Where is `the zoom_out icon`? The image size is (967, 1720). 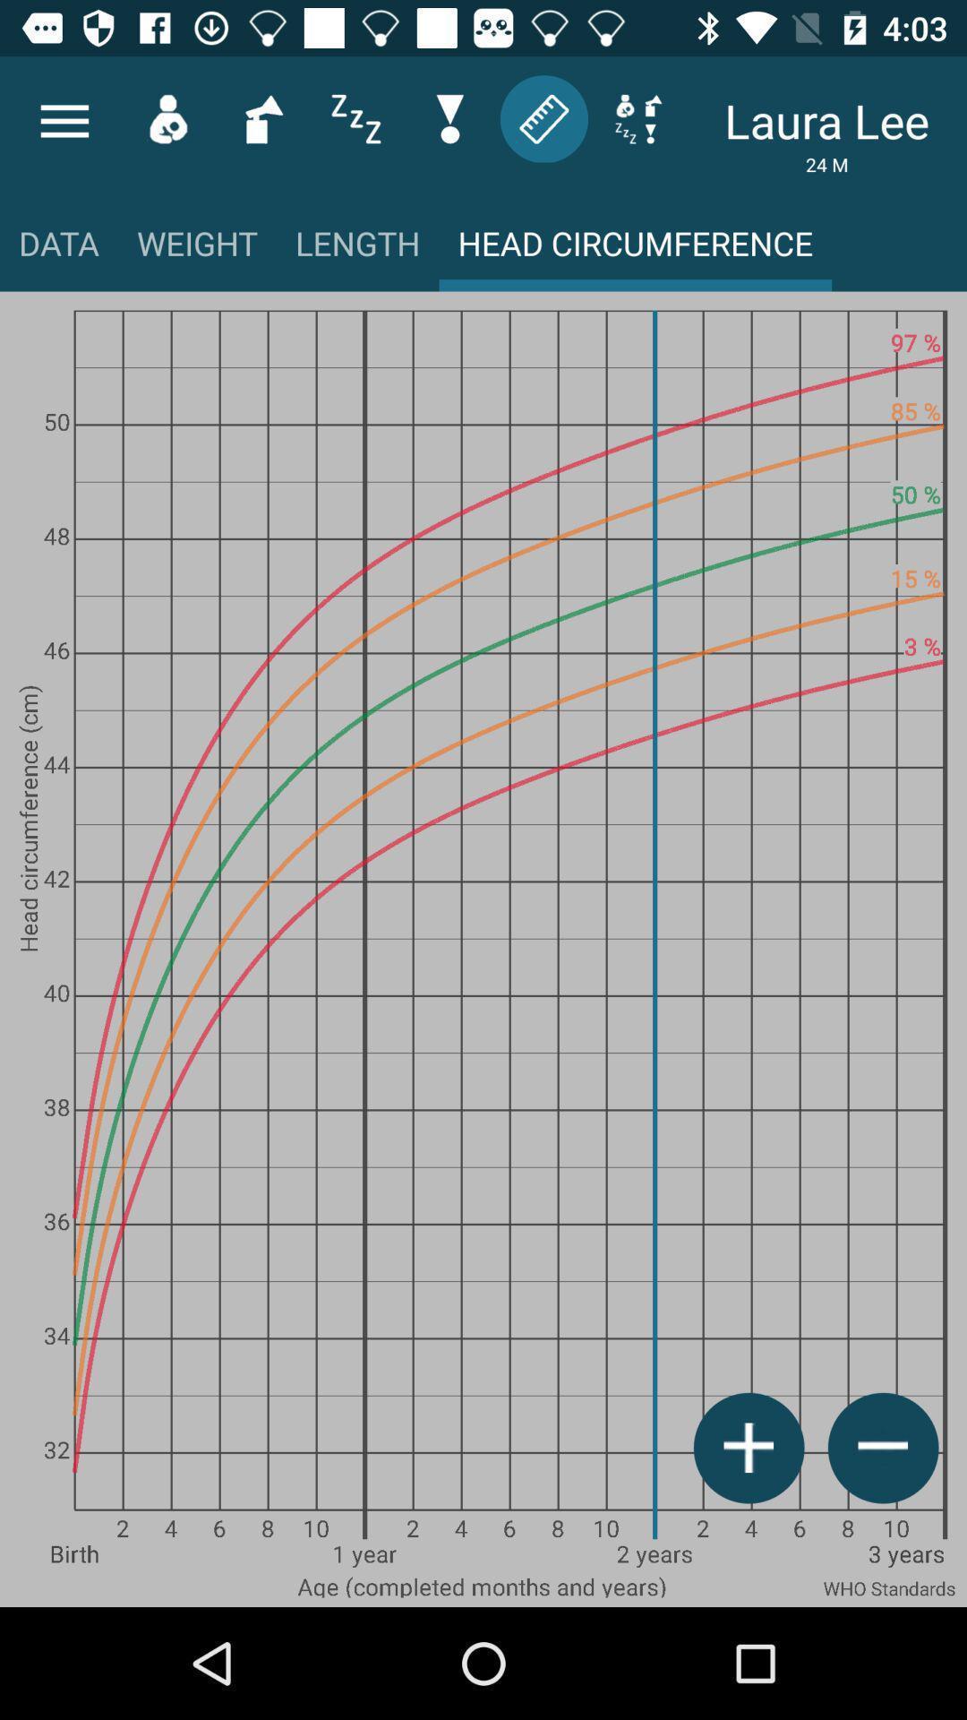
the zoom_out icon is located at coordinates (882, 1448).